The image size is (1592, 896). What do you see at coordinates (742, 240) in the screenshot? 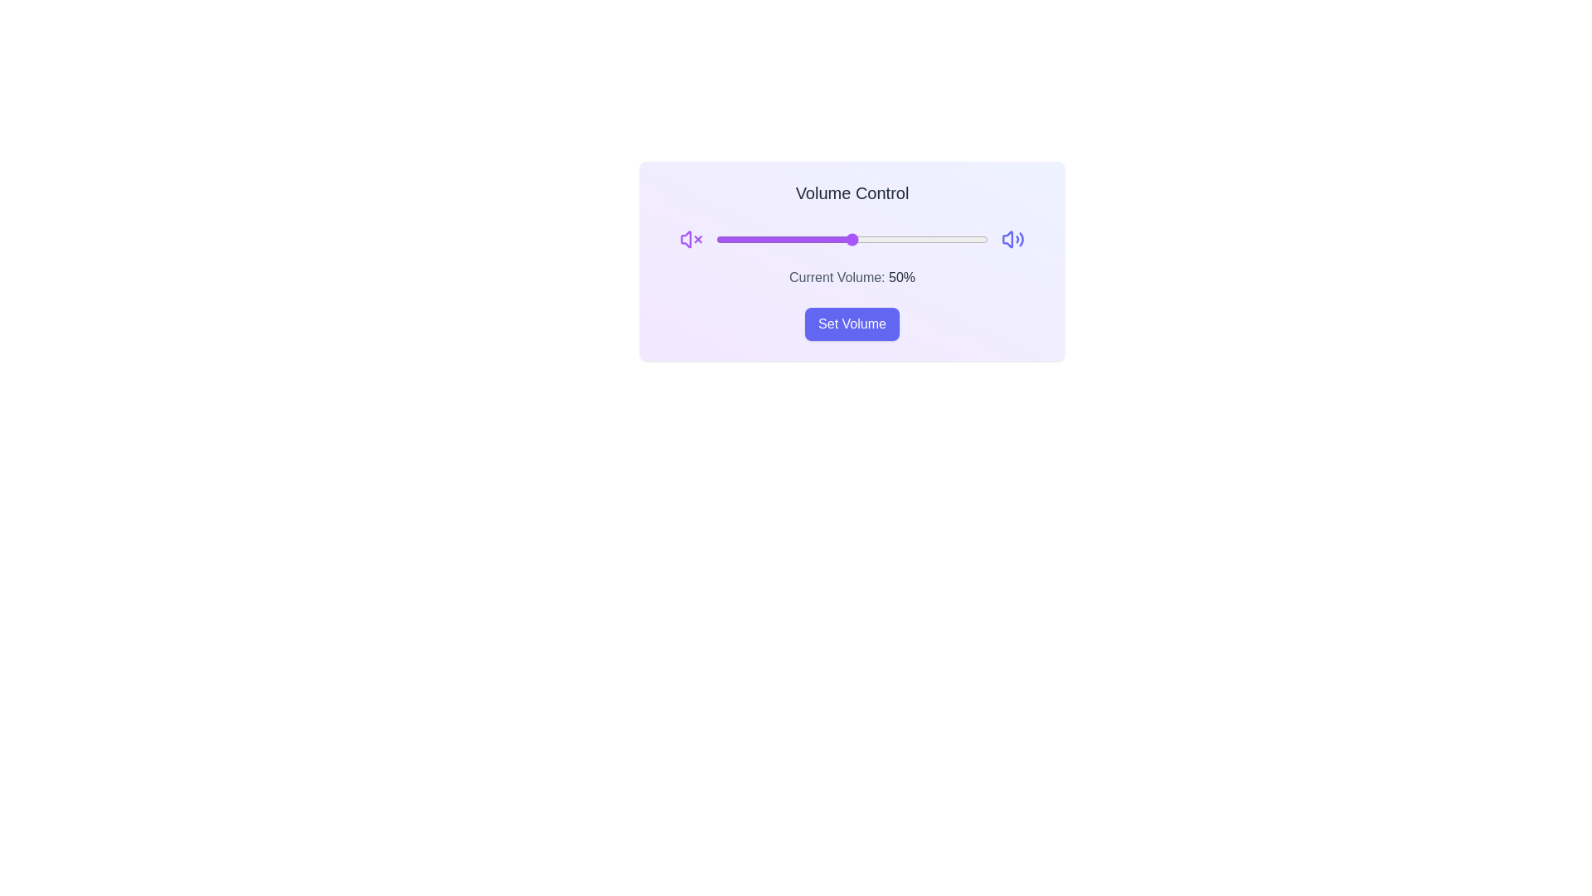
I see `the volume slider to set the volume to 10%` at bounding box center [742, 240].